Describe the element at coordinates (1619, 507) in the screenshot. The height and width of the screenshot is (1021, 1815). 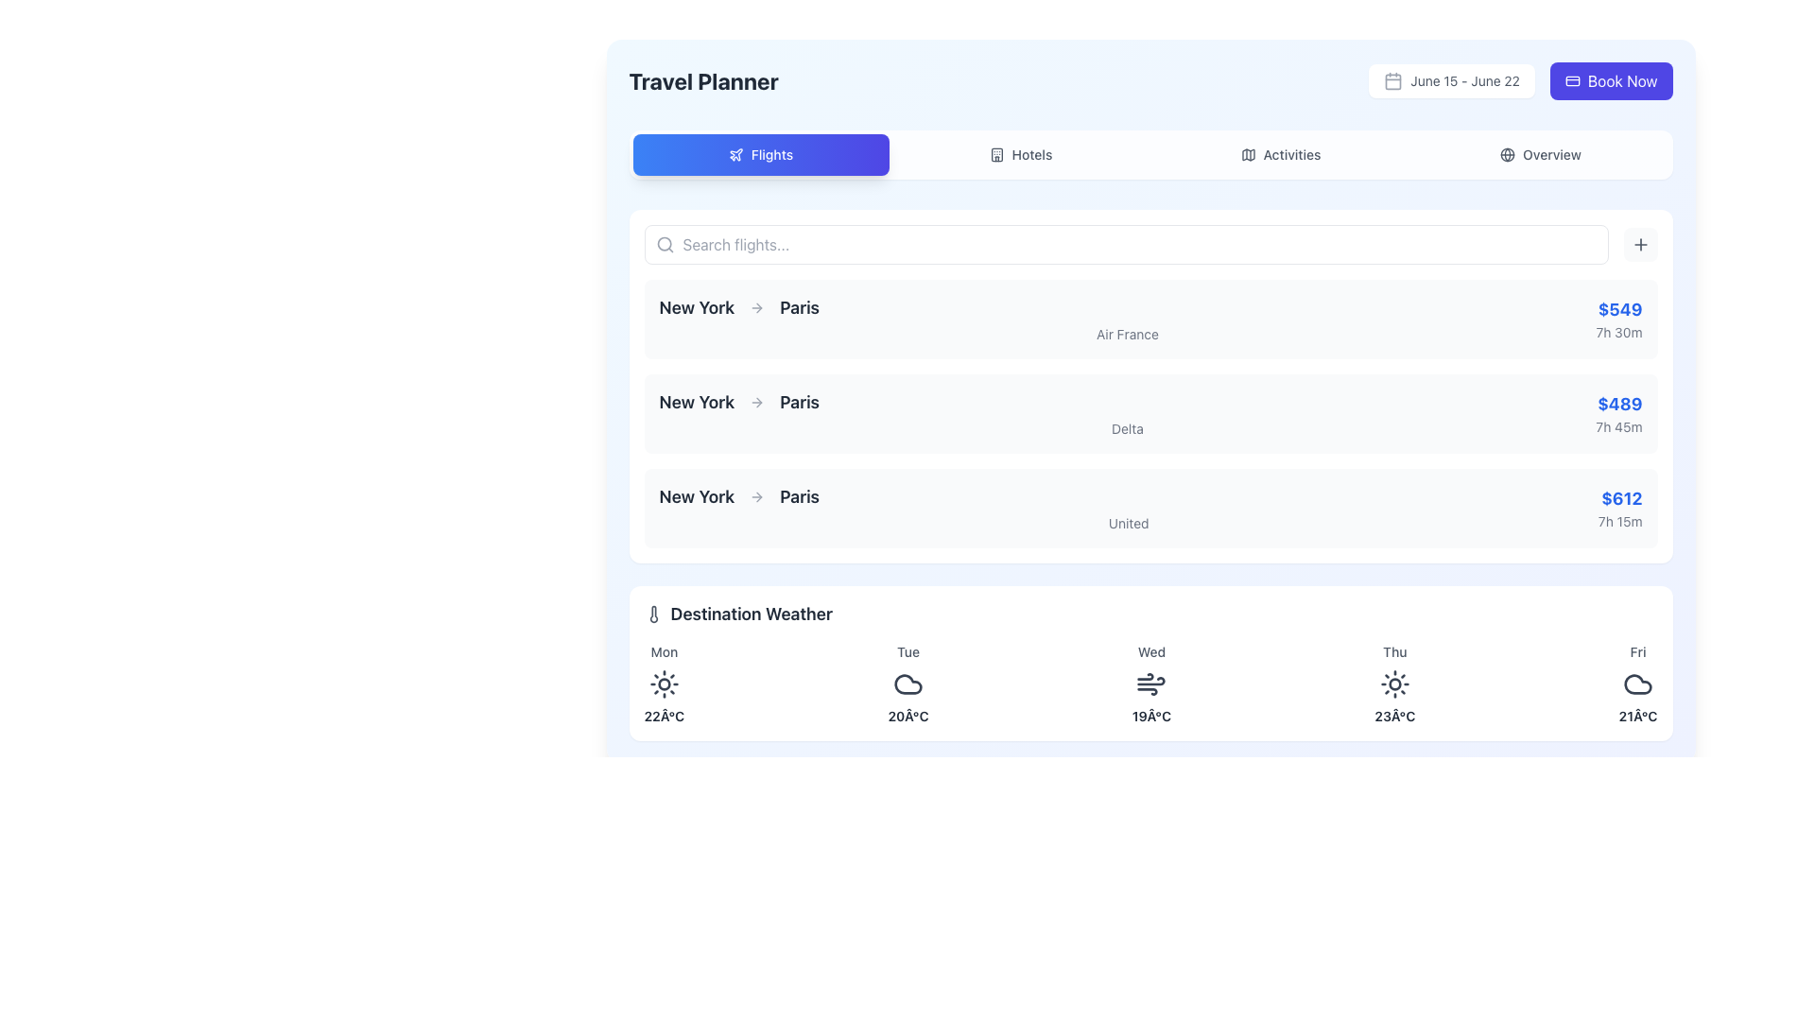
I see `the textual information block displaying the price '$612' and duration '7h 15m' in the third card of the flight details from 'New York' to 'Paris'` at that location.